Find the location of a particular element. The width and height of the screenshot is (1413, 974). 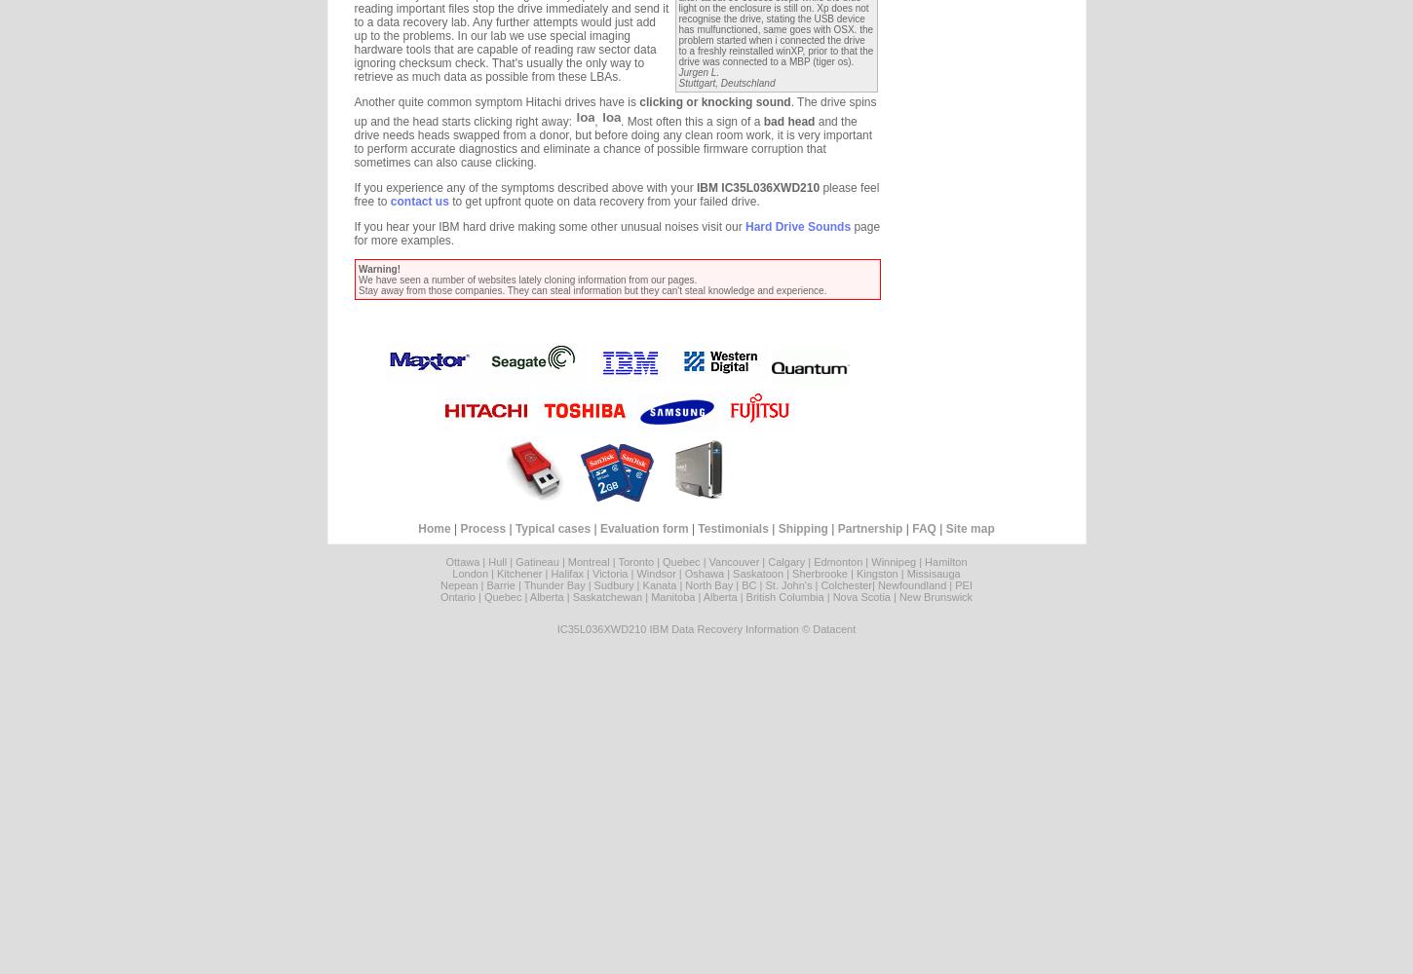

'clicking or knocking sound' is located at coordinates (637, 101).